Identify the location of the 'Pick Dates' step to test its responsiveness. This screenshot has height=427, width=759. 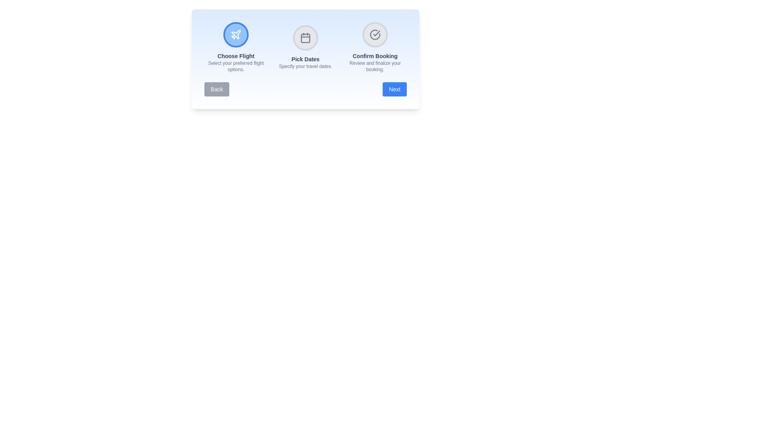
(305, 38).